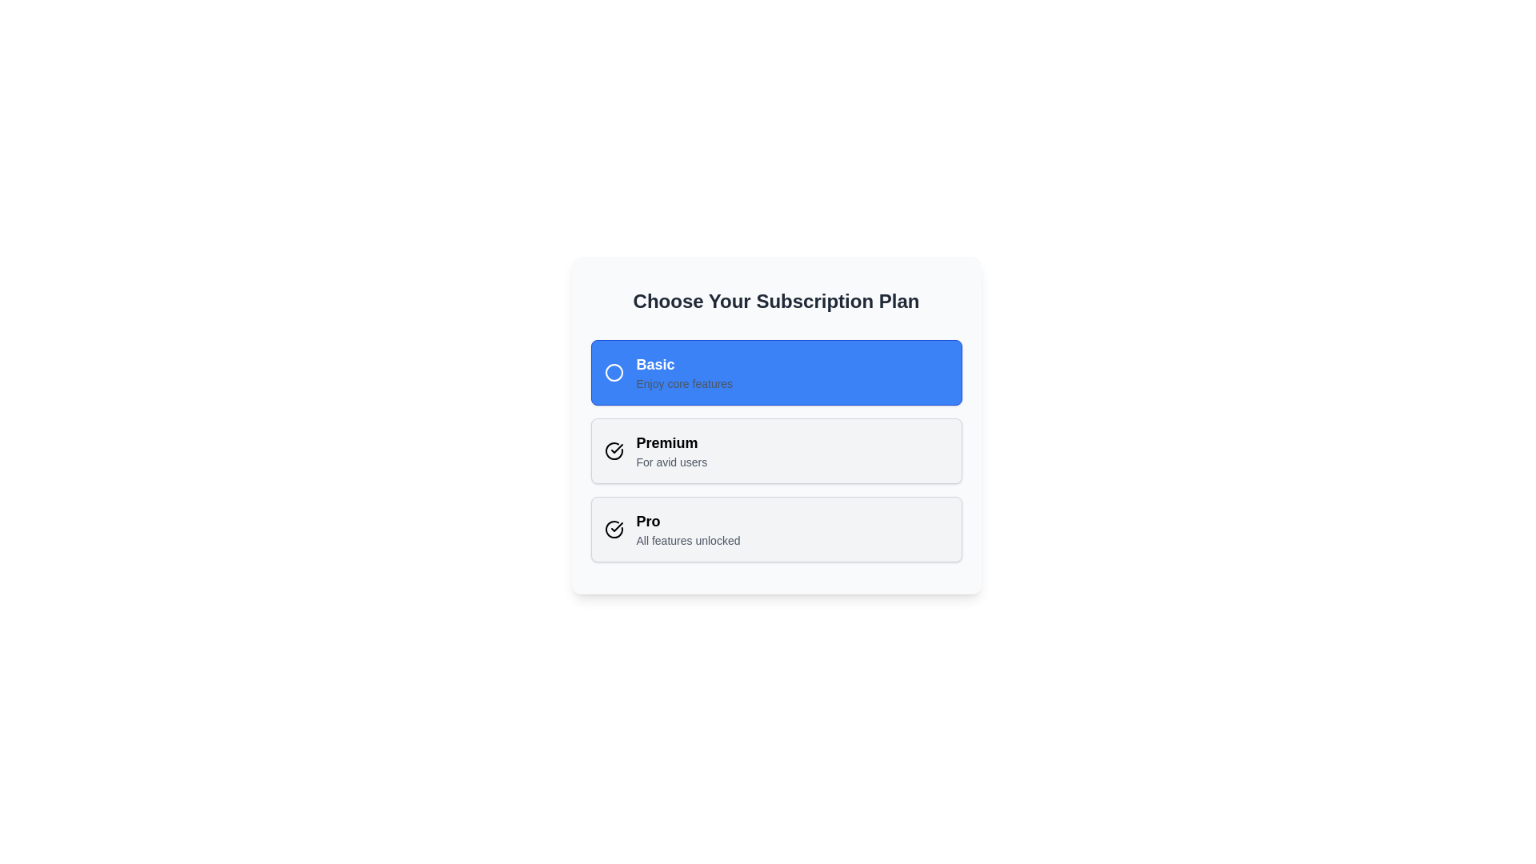  Describe the element at coordinates (776, 373) in the screenshot. I see `the selectable list item for the 'Basic' subscription plan, which is the first option in the subscription plan selection panel` at that location.